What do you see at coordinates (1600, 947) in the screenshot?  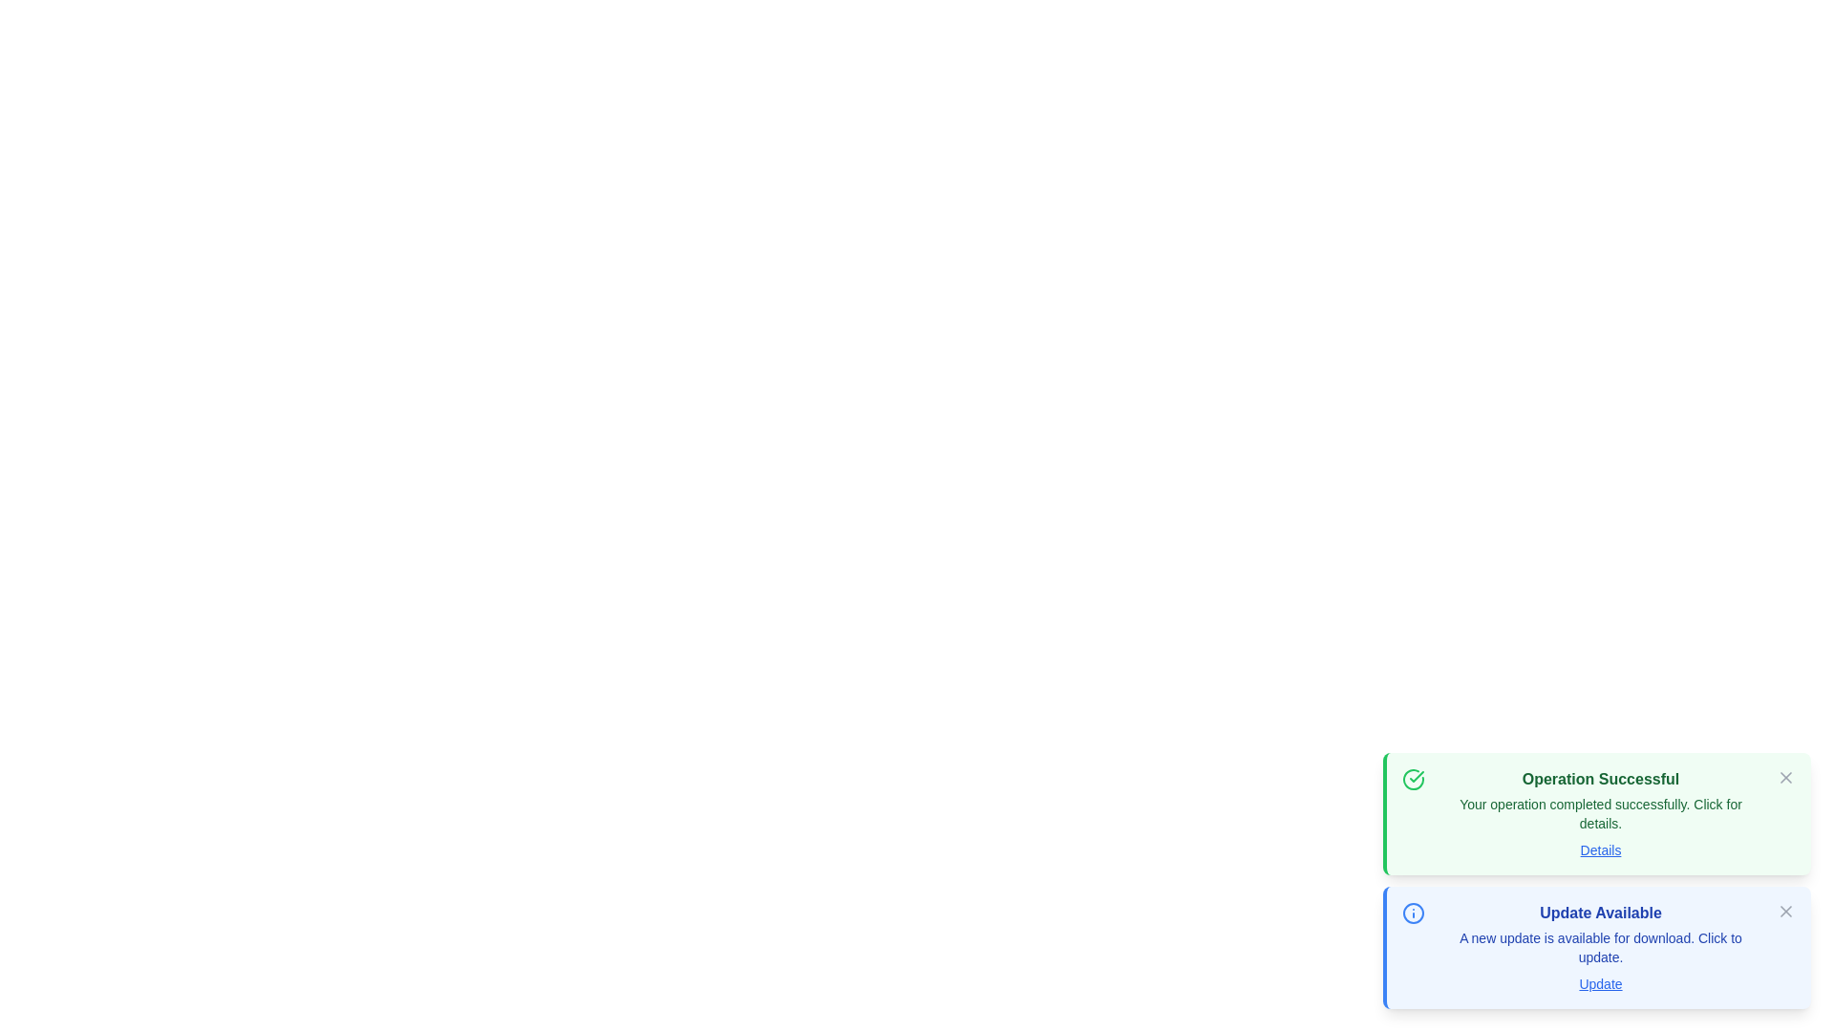 I see `the text element that reads 'A new update is available for download. Click to update.' which is located within the notification card below the 'Update Available' heading` at bounding box center [1600, 947].